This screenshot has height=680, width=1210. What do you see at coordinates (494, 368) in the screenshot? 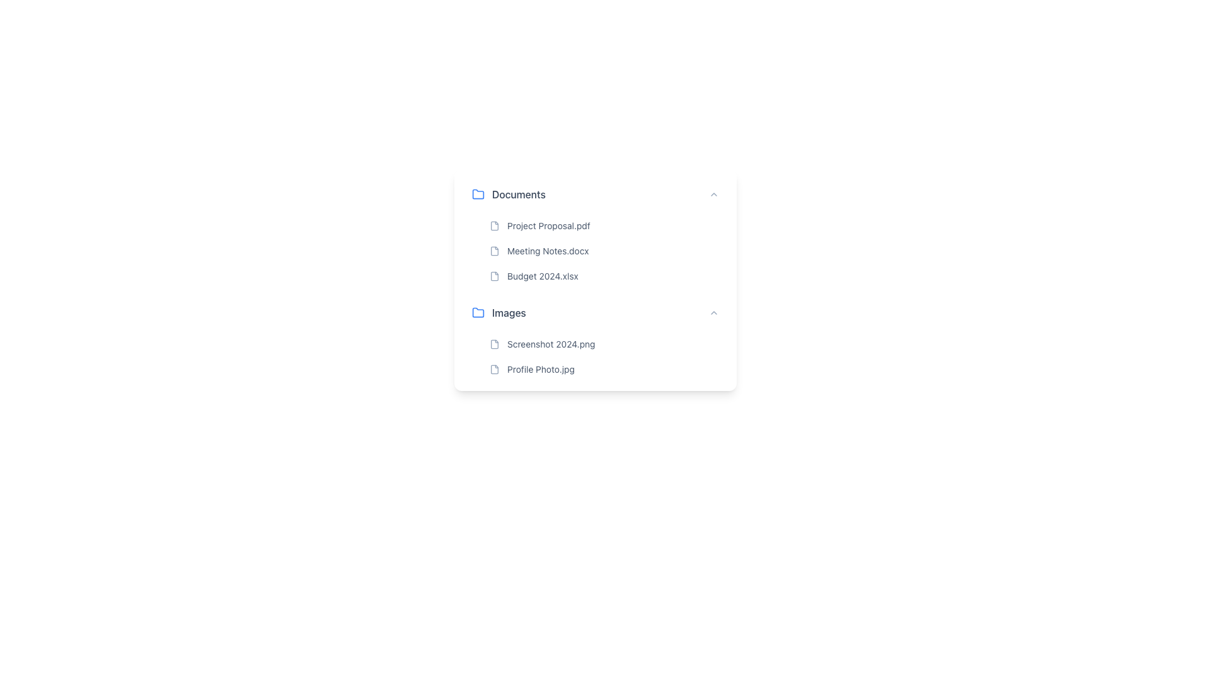
I see `the Icon (File representation) located to the left of 'Profile Photo.jpg' in the 'Images' section` at bounding box center [494, 368].